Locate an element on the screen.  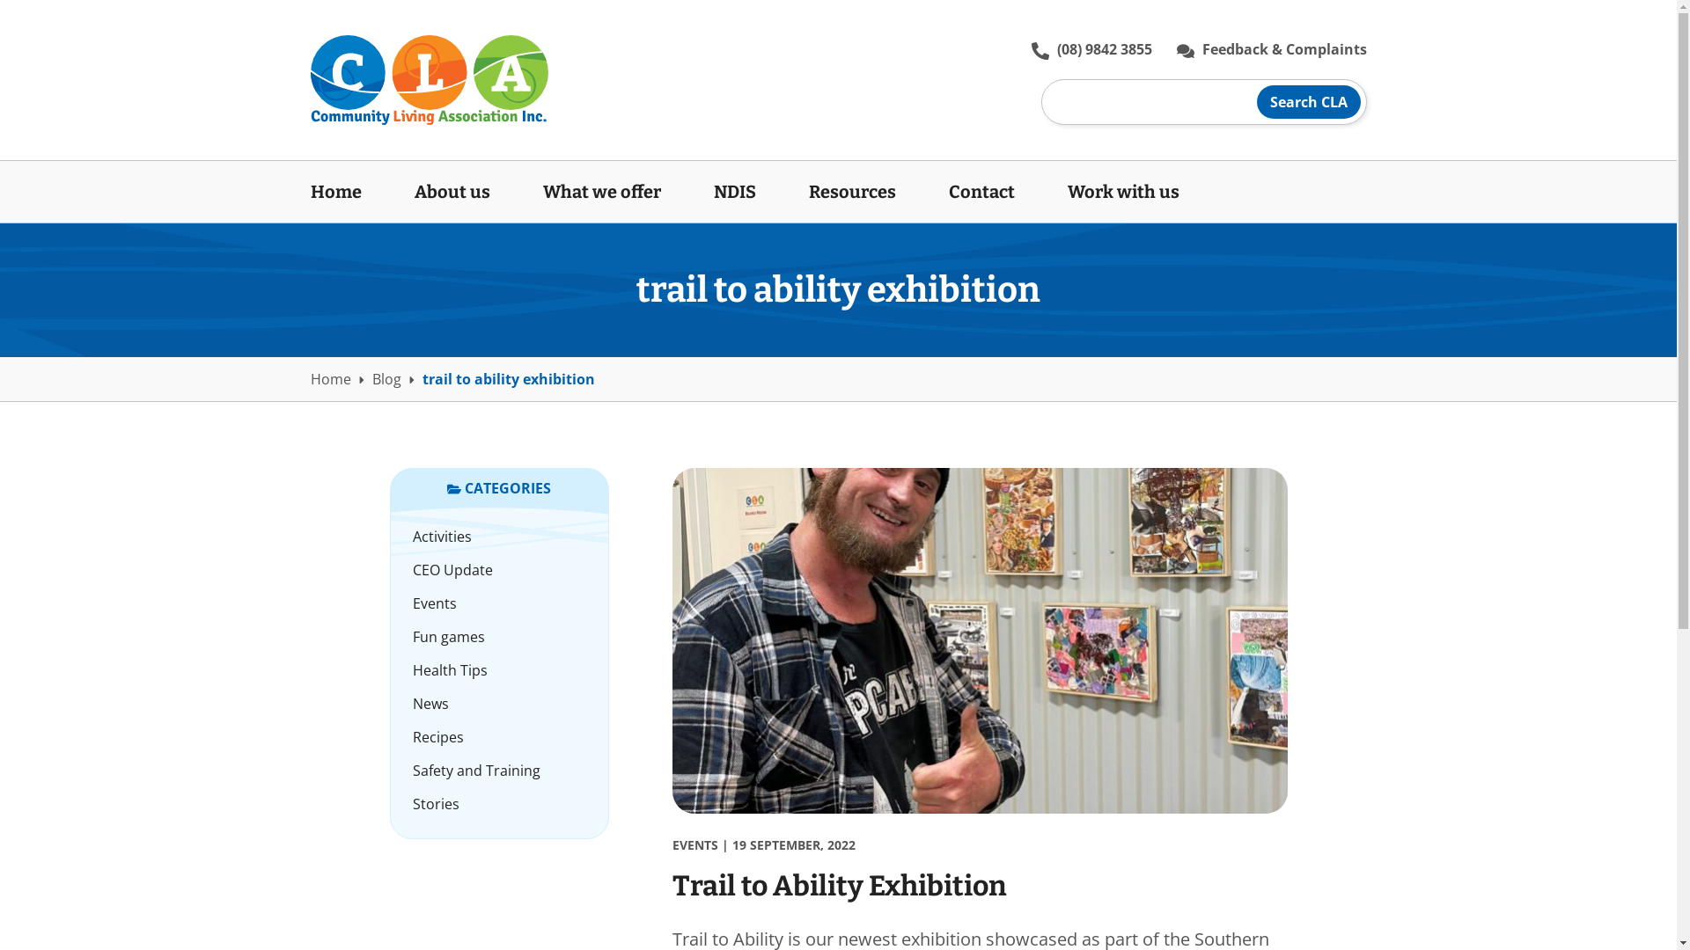
'About us' is located at coordinates (452, 192).